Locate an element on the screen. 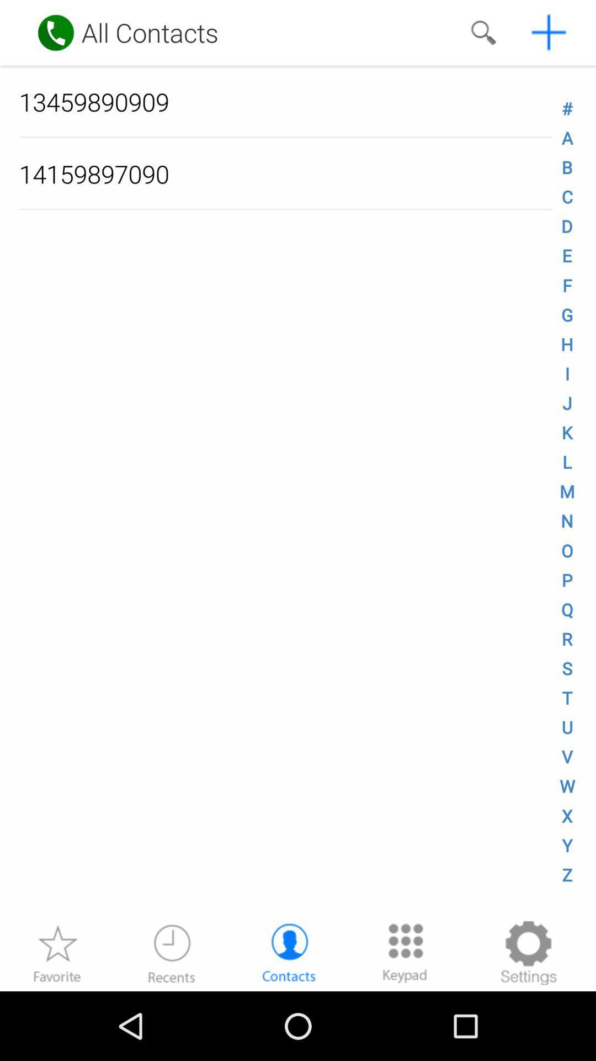 The image size is (596, 1061). as favorite is located at coordinates (57, 952).